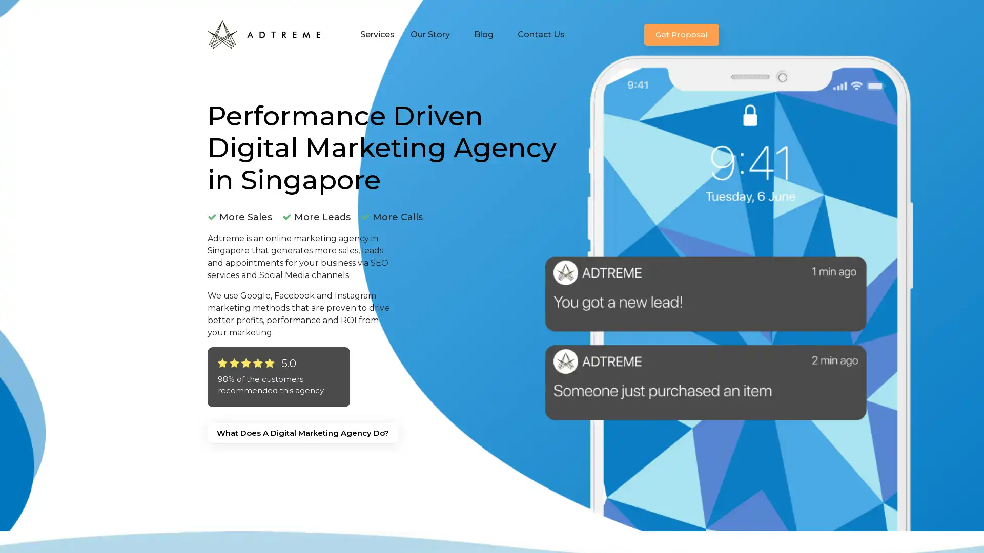 The width and height of the screenshot is (984, 553). What do you see at coordinates (302, 432) in the screenshot?
I see `What Does A Digital Marketing Agency Do?` at bounding box center [302, 432].